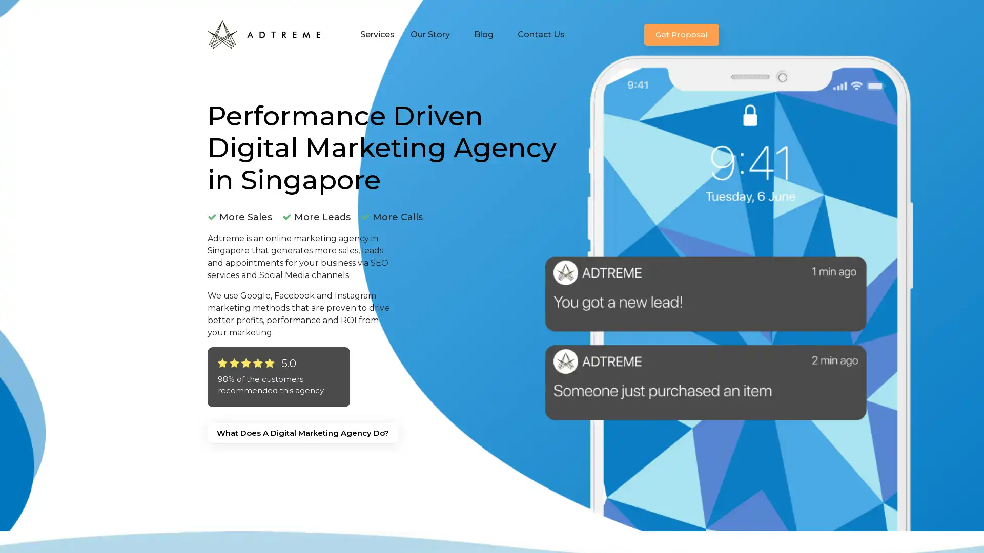 The width and height of the screenshot is (984, 553). What do you see at coordinates (302, 432) in the screenshot?
I see `What Does A Digital Marketing Agency Do?` at bounding box center [302, 432].